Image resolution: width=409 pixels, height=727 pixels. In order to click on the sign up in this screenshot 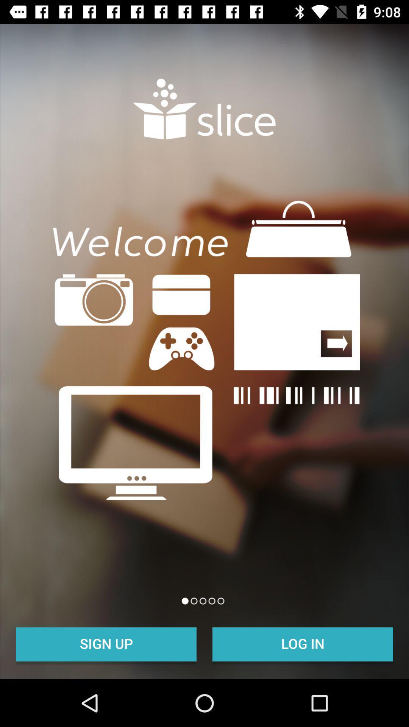, I will do `click(106, 643)`.